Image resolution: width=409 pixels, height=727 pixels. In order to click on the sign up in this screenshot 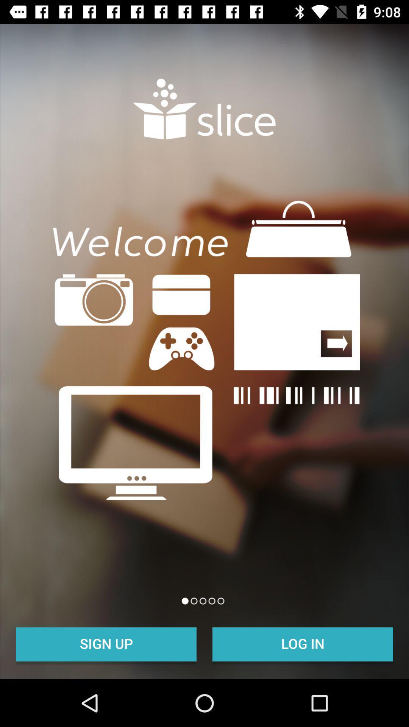, I will do `click(106, 643)`.